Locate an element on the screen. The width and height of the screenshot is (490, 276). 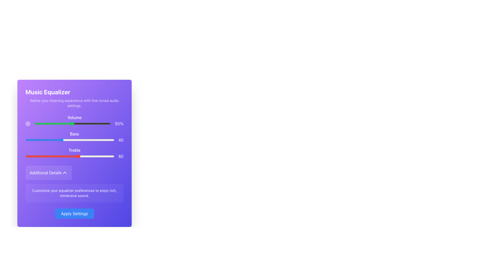
the treble level is located at coordinates (96, 156).